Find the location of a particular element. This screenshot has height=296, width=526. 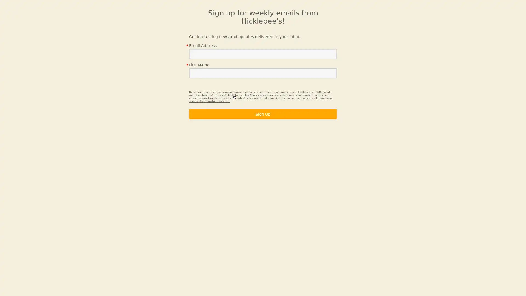

Sign Up is located at coordinates (263, 114).